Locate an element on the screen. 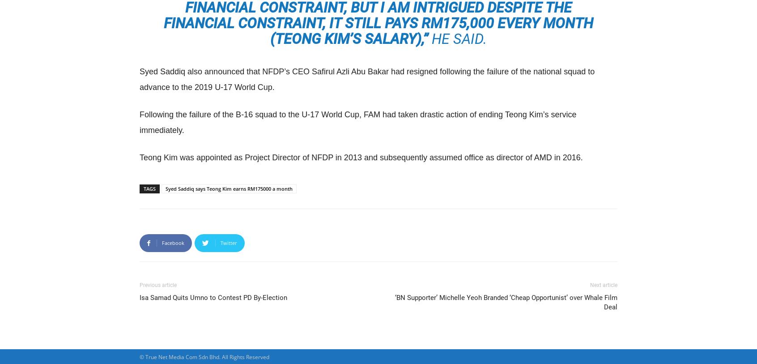 The height and width of the screenshot is (364, 757). 'Next article' is located at coordinates (604, 285).